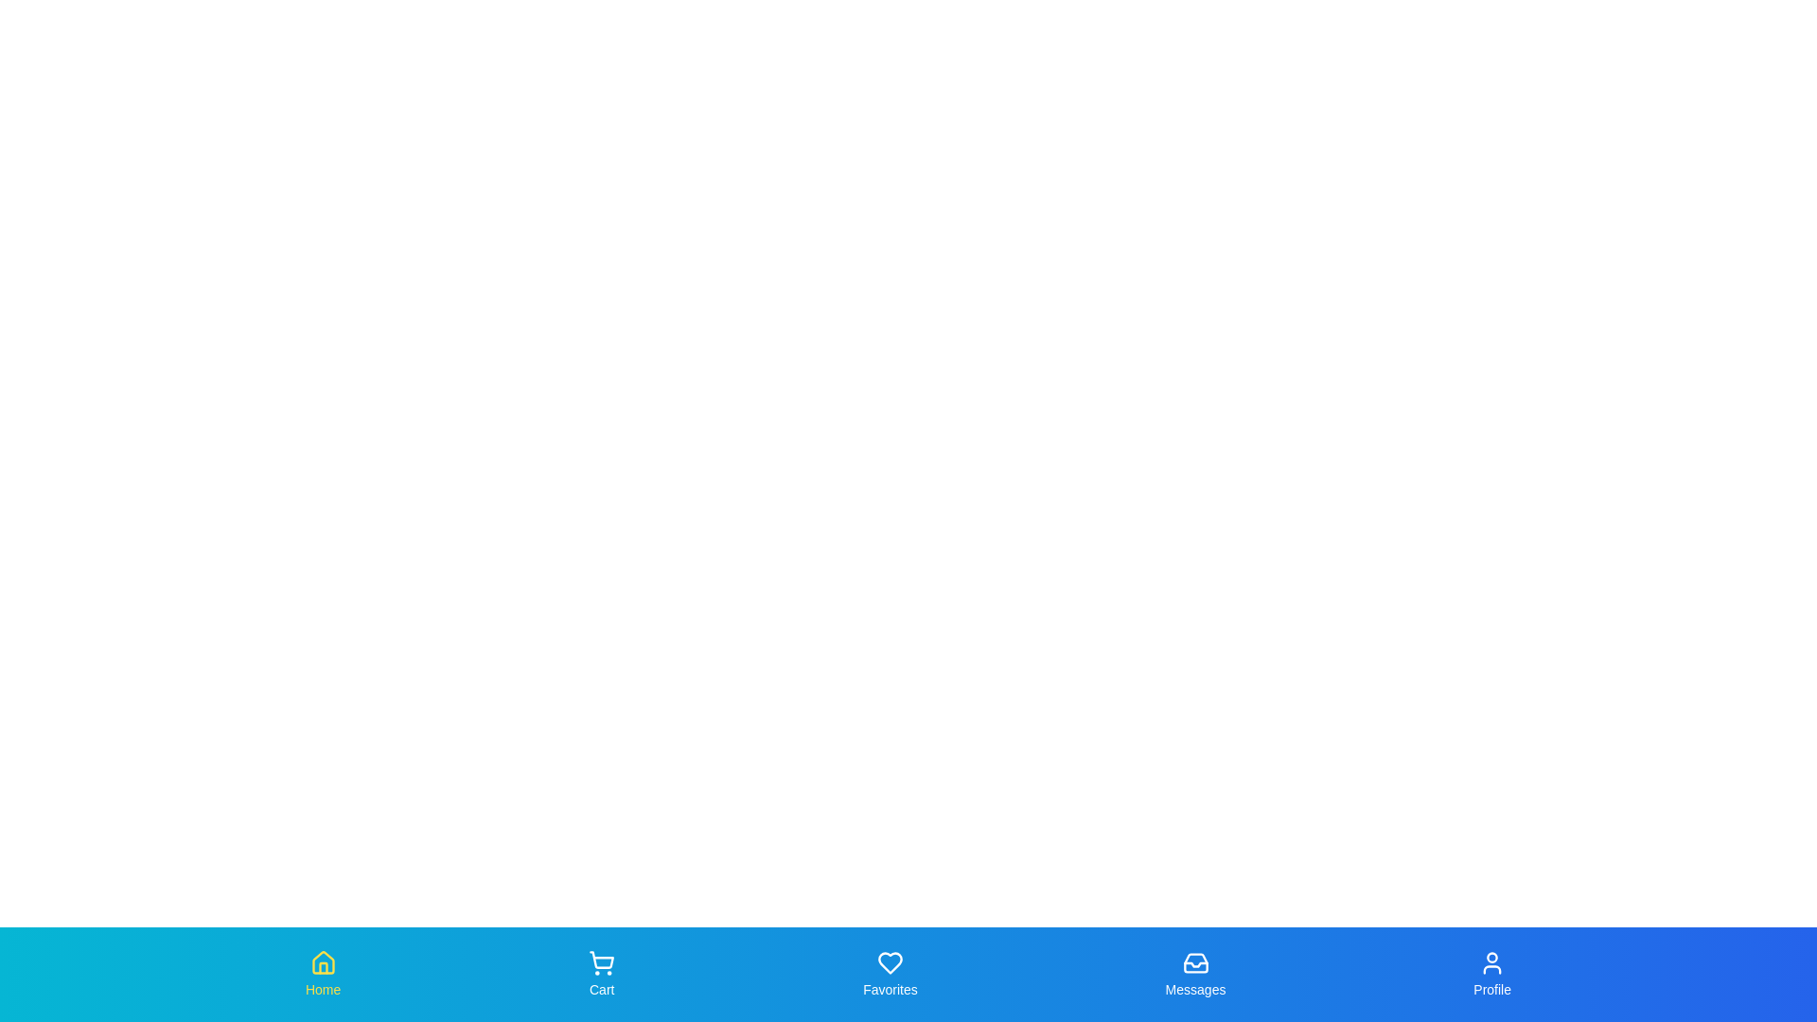 The height and width of the screenshot is (1022, 1817). What do you see at coordinates (889, 974) in the screenshot?
I see `the Favorites tab to observe its hover effect` at bounding box center [889, 974].